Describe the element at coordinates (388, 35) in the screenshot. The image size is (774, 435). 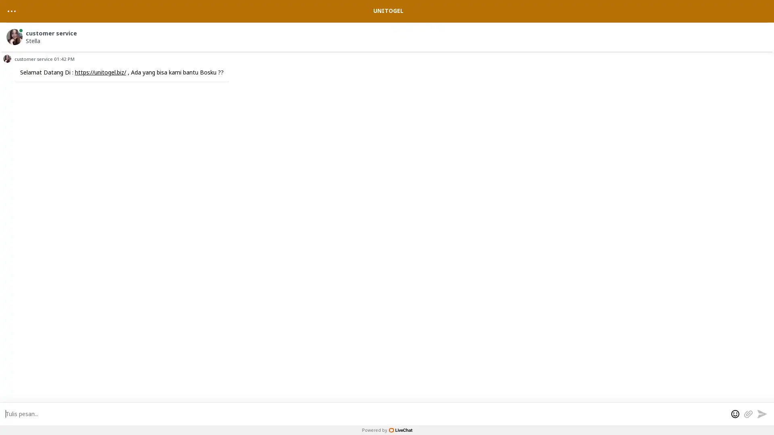
I see `customer service` at that location.